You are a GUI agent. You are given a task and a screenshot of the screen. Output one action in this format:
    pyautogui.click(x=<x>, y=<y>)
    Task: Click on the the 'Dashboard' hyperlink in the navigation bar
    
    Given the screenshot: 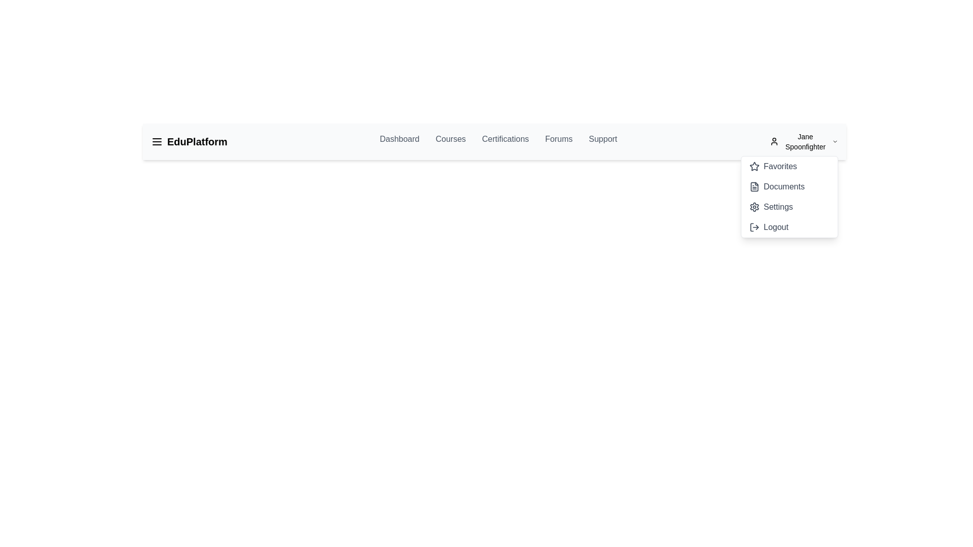 What is the action you would take?
    pyautogui.click(x=399, y=142)
    